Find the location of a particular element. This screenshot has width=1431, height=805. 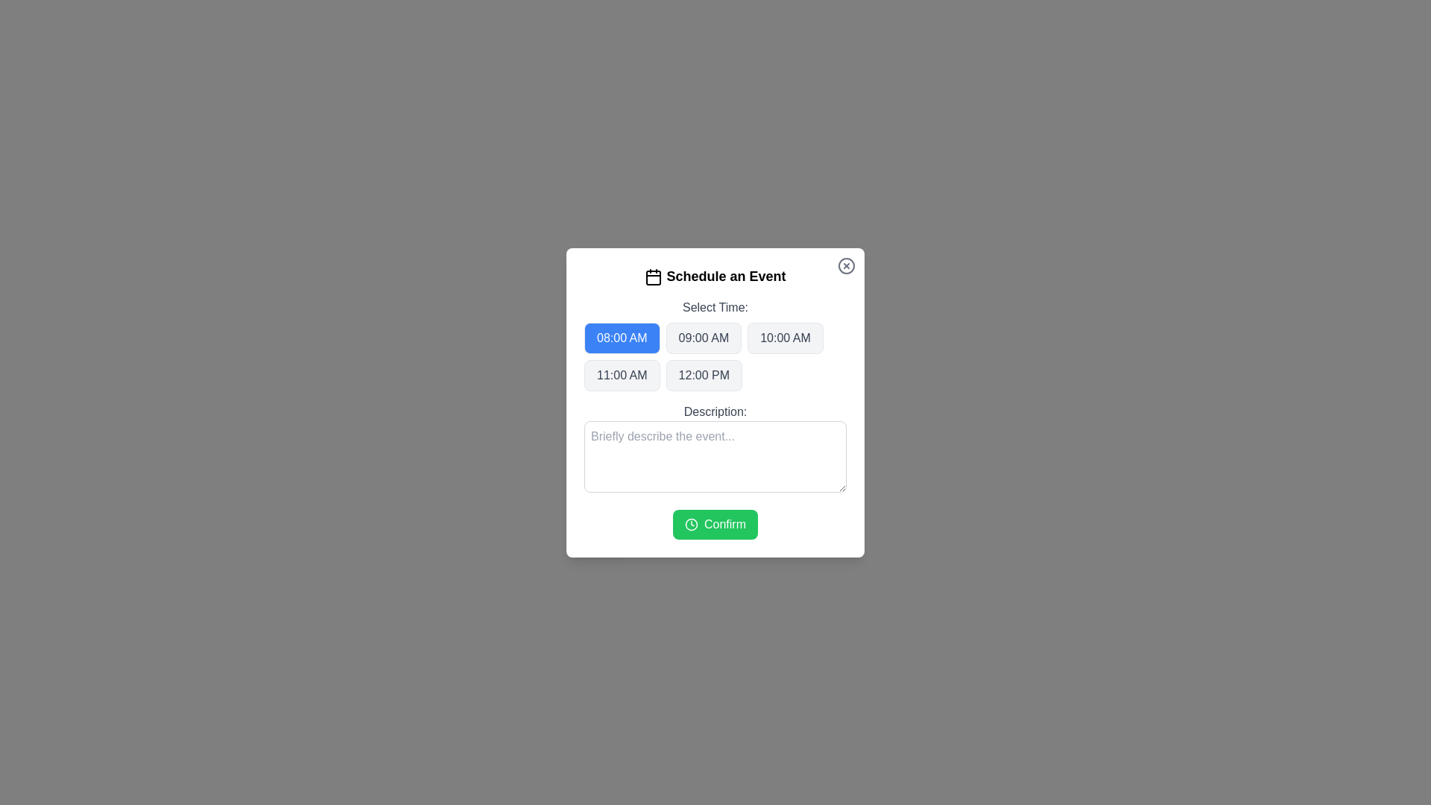

the calendar icon located in the header area of the centered modal window, slightly to the left of the 'Schedule an Event' text is located at coordinates (654, 277).